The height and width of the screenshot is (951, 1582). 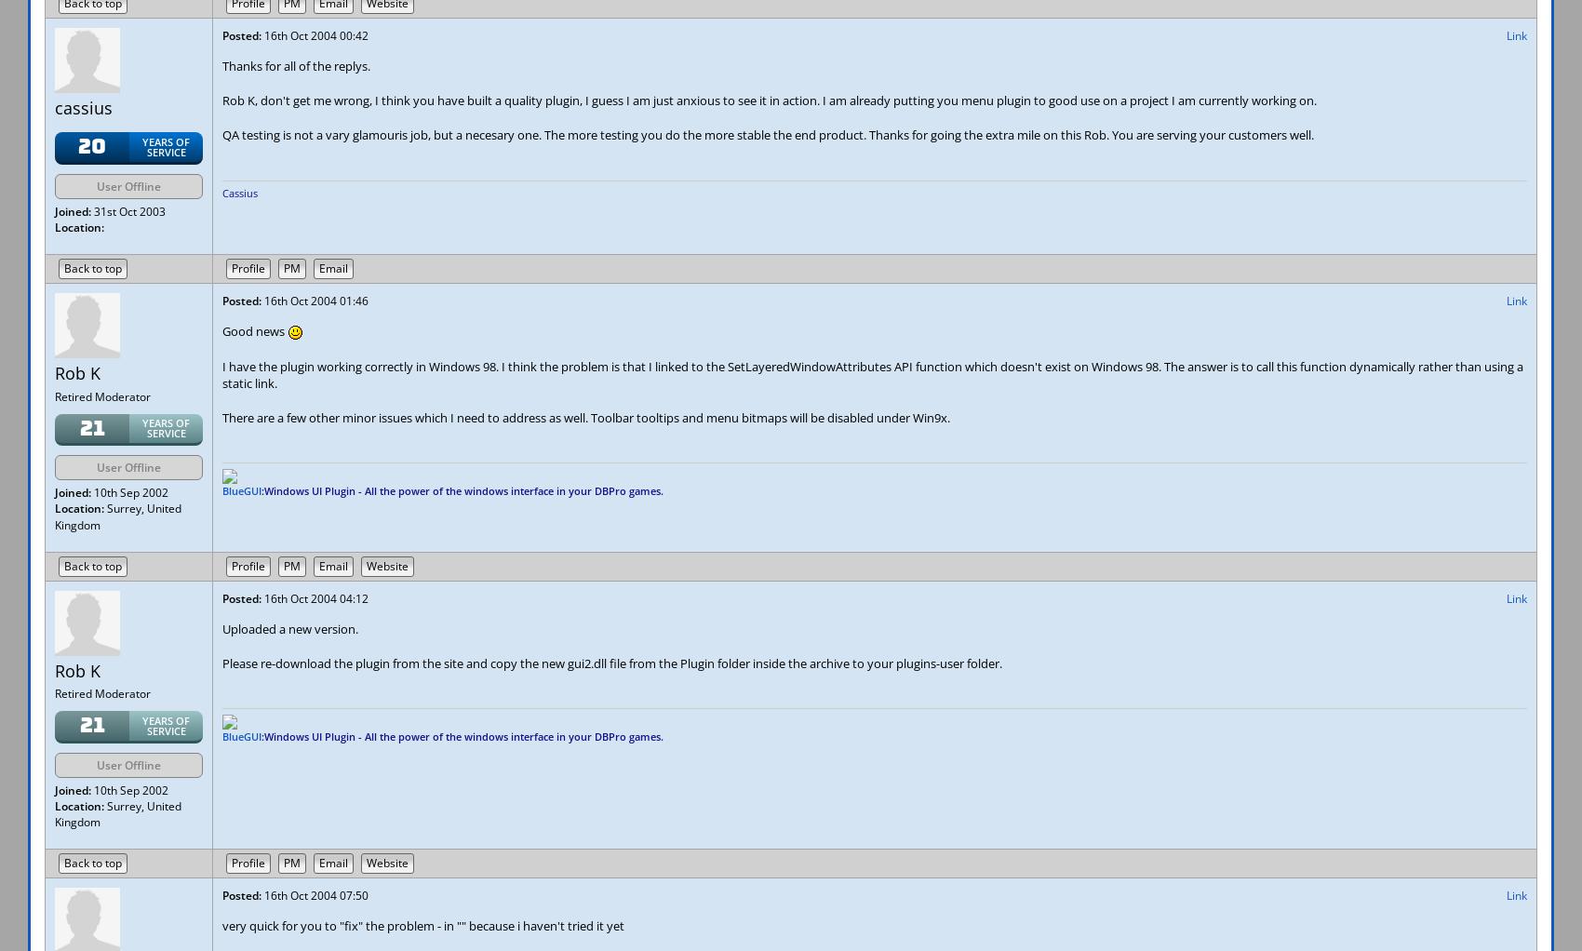 I want to click on '16th Oct 2004 00:42', so click(x=314, y=35).